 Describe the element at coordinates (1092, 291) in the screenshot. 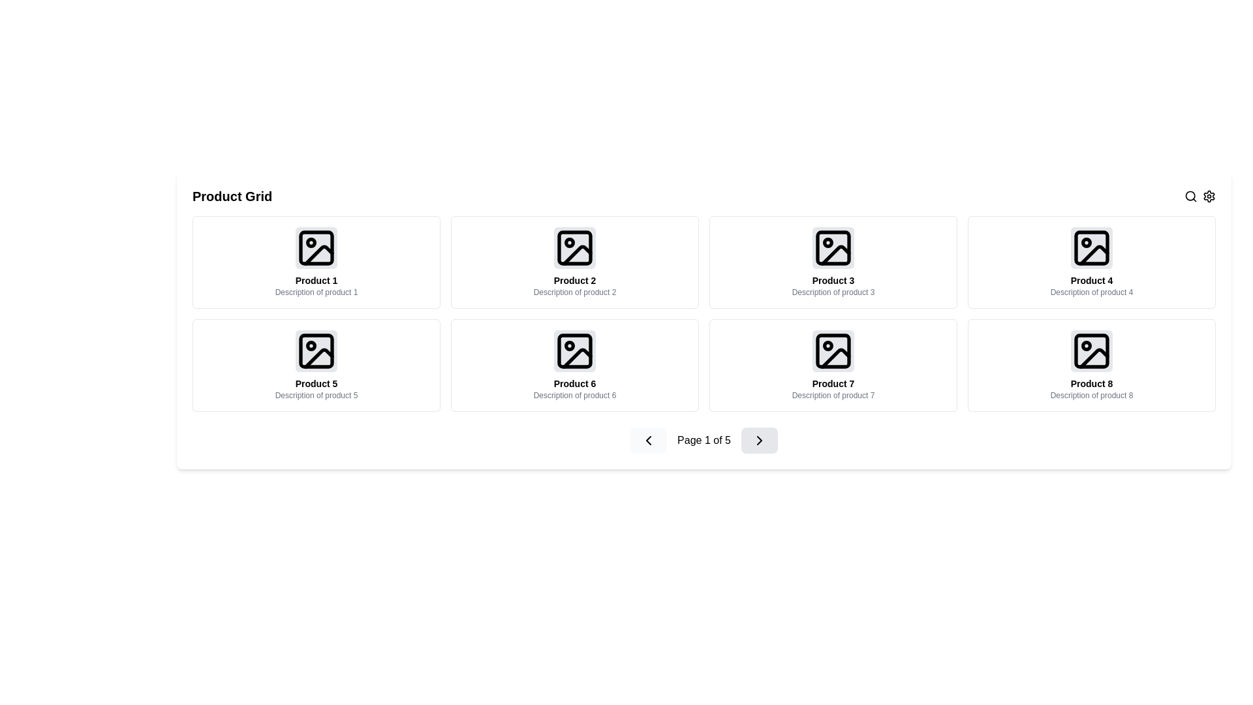

I see `the Text Label that provides a short description of 'Product 4', located at the bottom of its product card in the fourth slot of the grid layout` at that location.